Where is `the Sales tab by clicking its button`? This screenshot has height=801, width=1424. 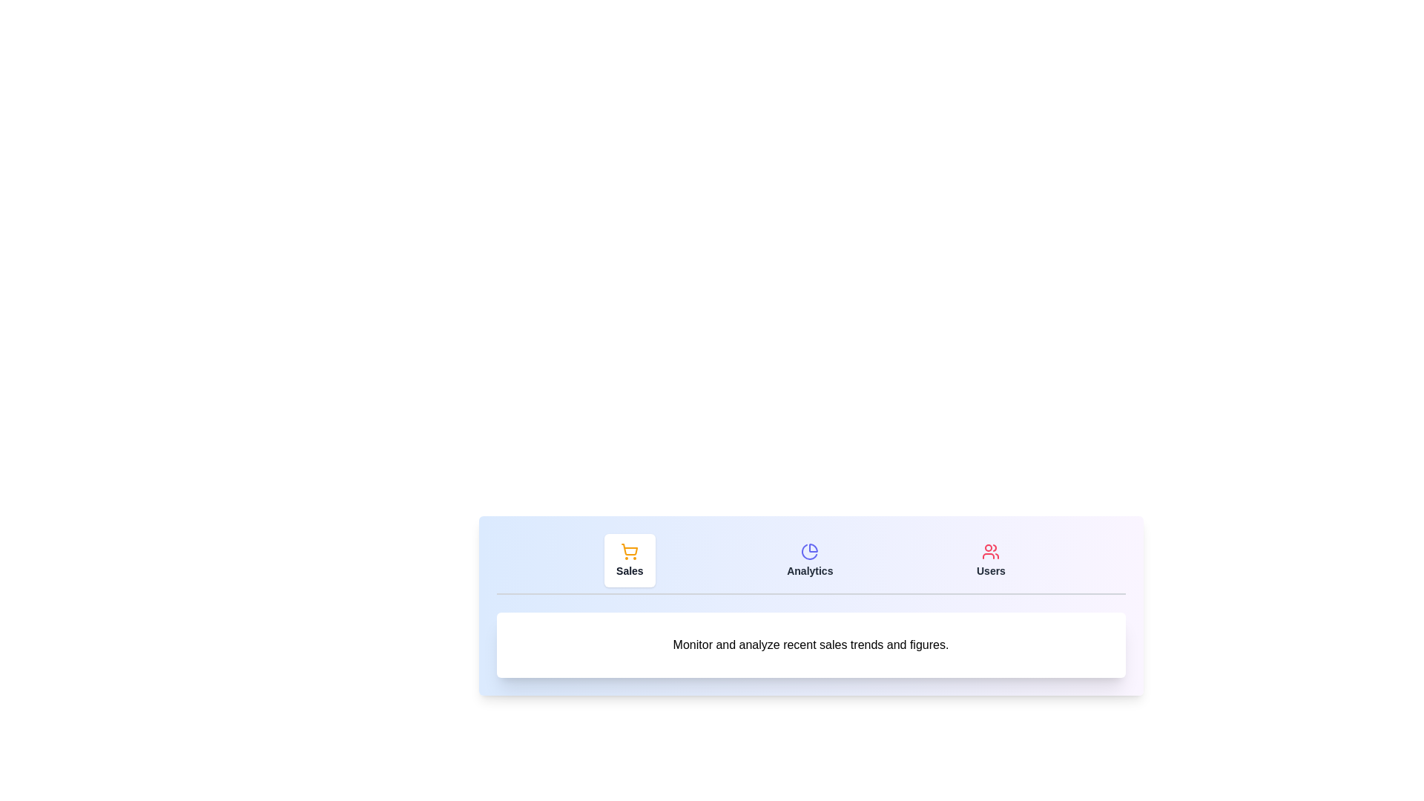
the Sales tab by clicking its button is located at coordinates (630, 561).